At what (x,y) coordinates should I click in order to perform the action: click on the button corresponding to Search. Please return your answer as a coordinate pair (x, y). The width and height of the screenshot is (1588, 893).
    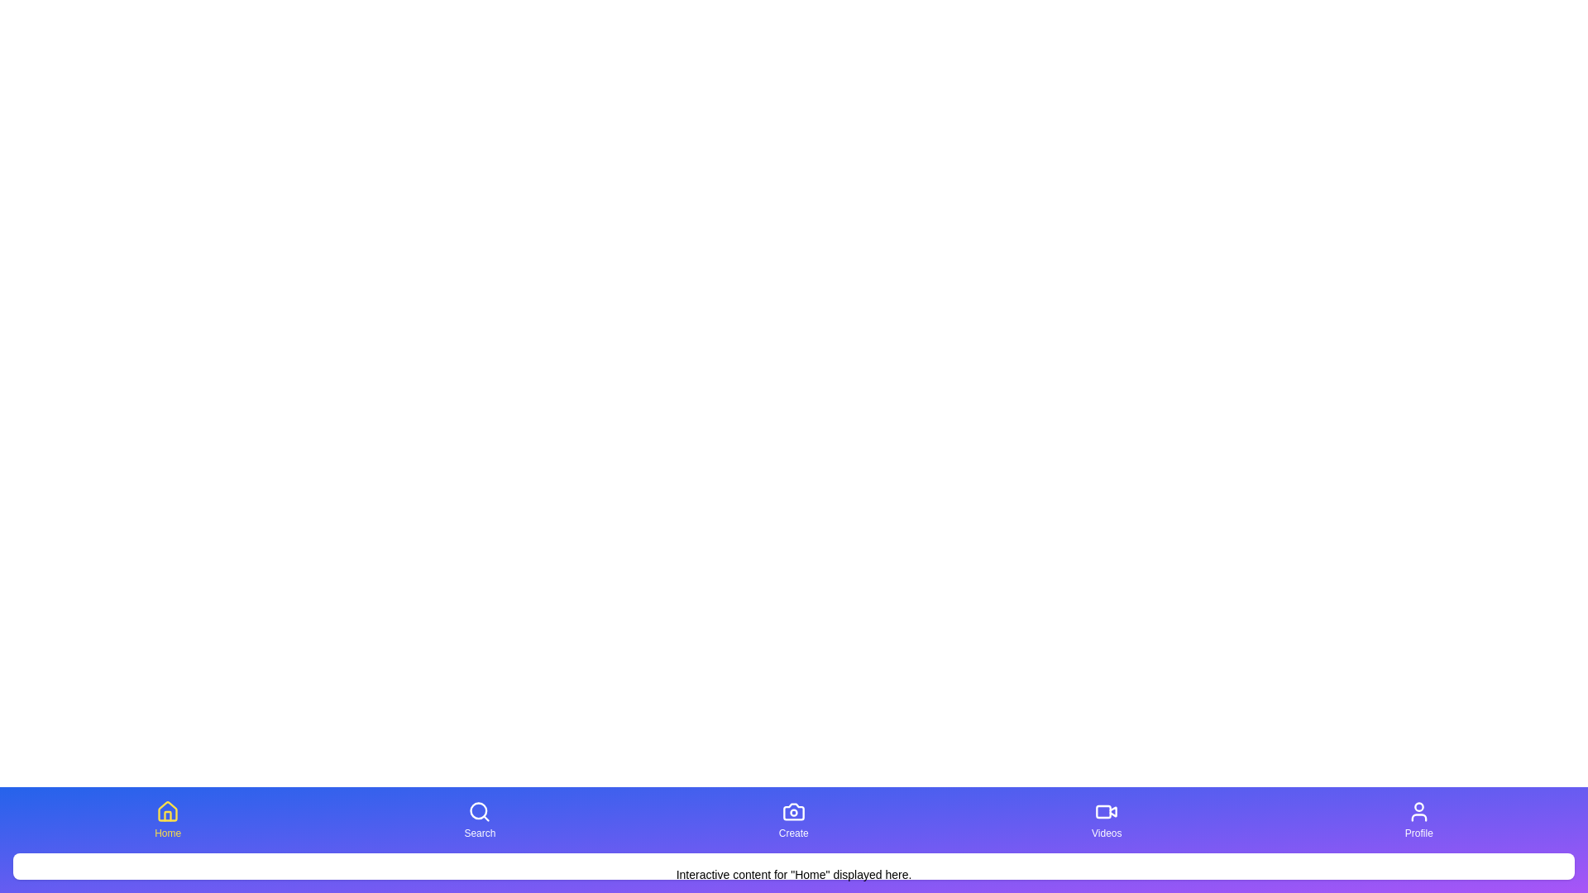
    Looking at the image, I should click on (479, 819).